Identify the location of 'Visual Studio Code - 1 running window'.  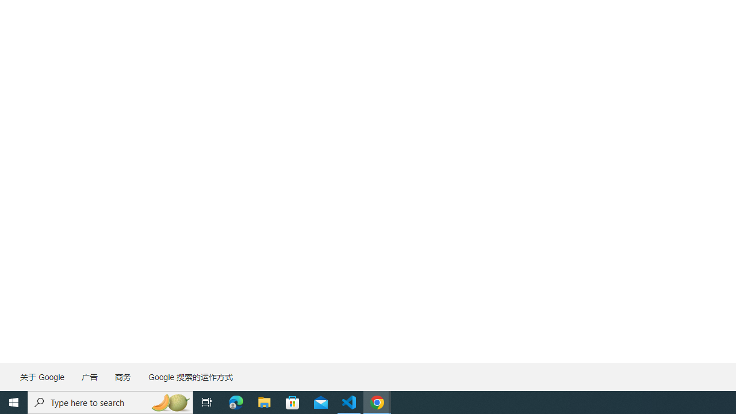
(348, 401).